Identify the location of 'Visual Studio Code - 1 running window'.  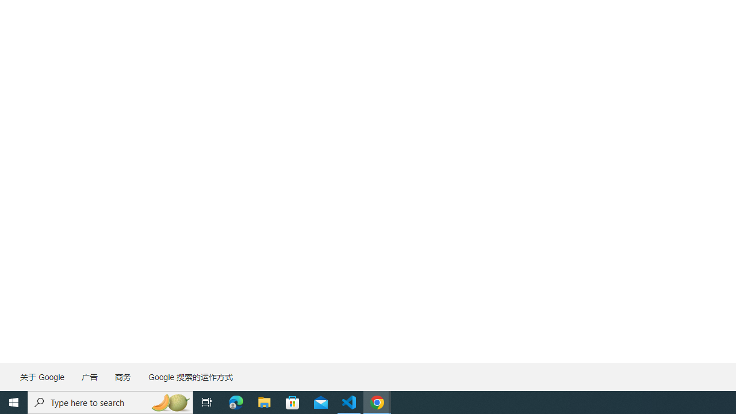
(348, 401).